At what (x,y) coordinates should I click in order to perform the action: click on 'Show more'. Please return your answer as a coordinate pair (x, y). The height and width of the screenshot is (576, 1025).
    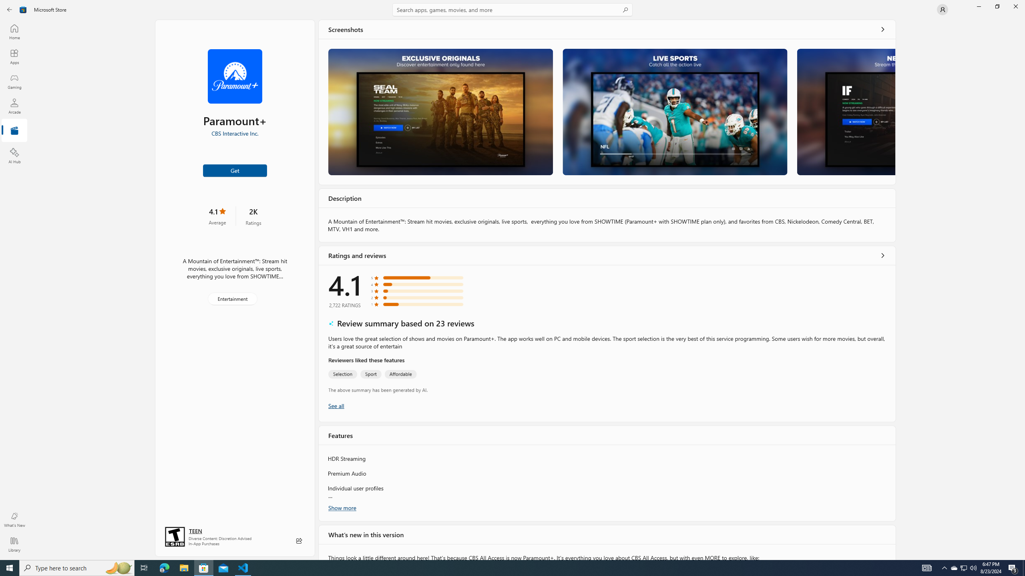
    Looking at the image, I should click on (341, 507).